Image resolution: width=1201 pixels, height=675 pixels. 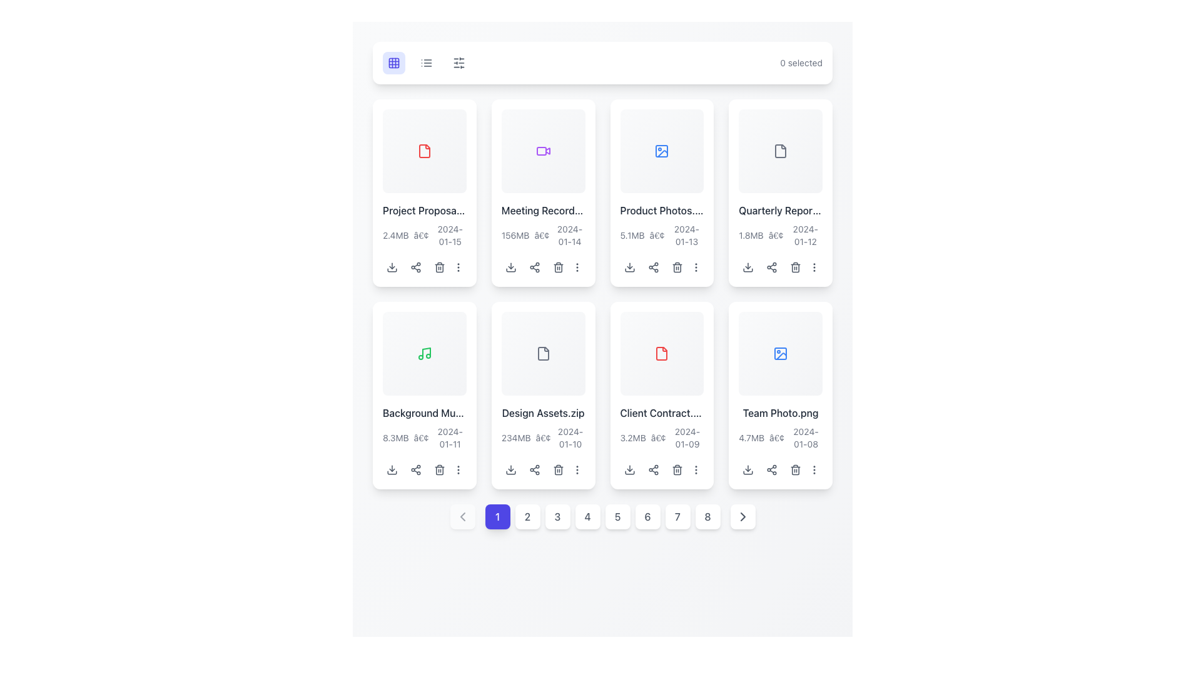 I want to click on the static text label displaying the file size '2.4MB' located in the lower-left area of the card labeled 'Project Proposal', so click(x=395, y=235).